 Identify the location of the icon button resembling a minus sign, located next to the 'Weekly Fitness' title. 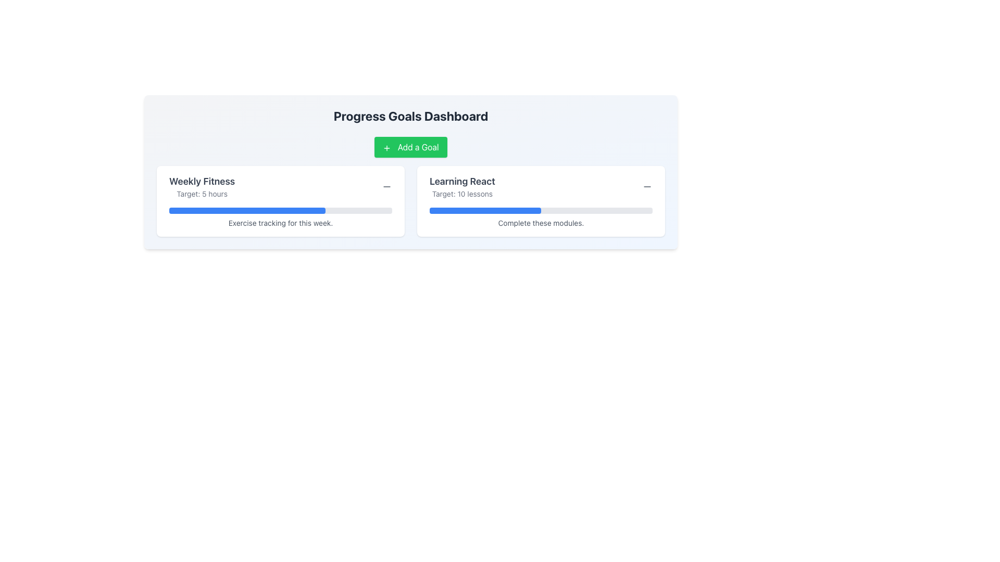
(386, 186).